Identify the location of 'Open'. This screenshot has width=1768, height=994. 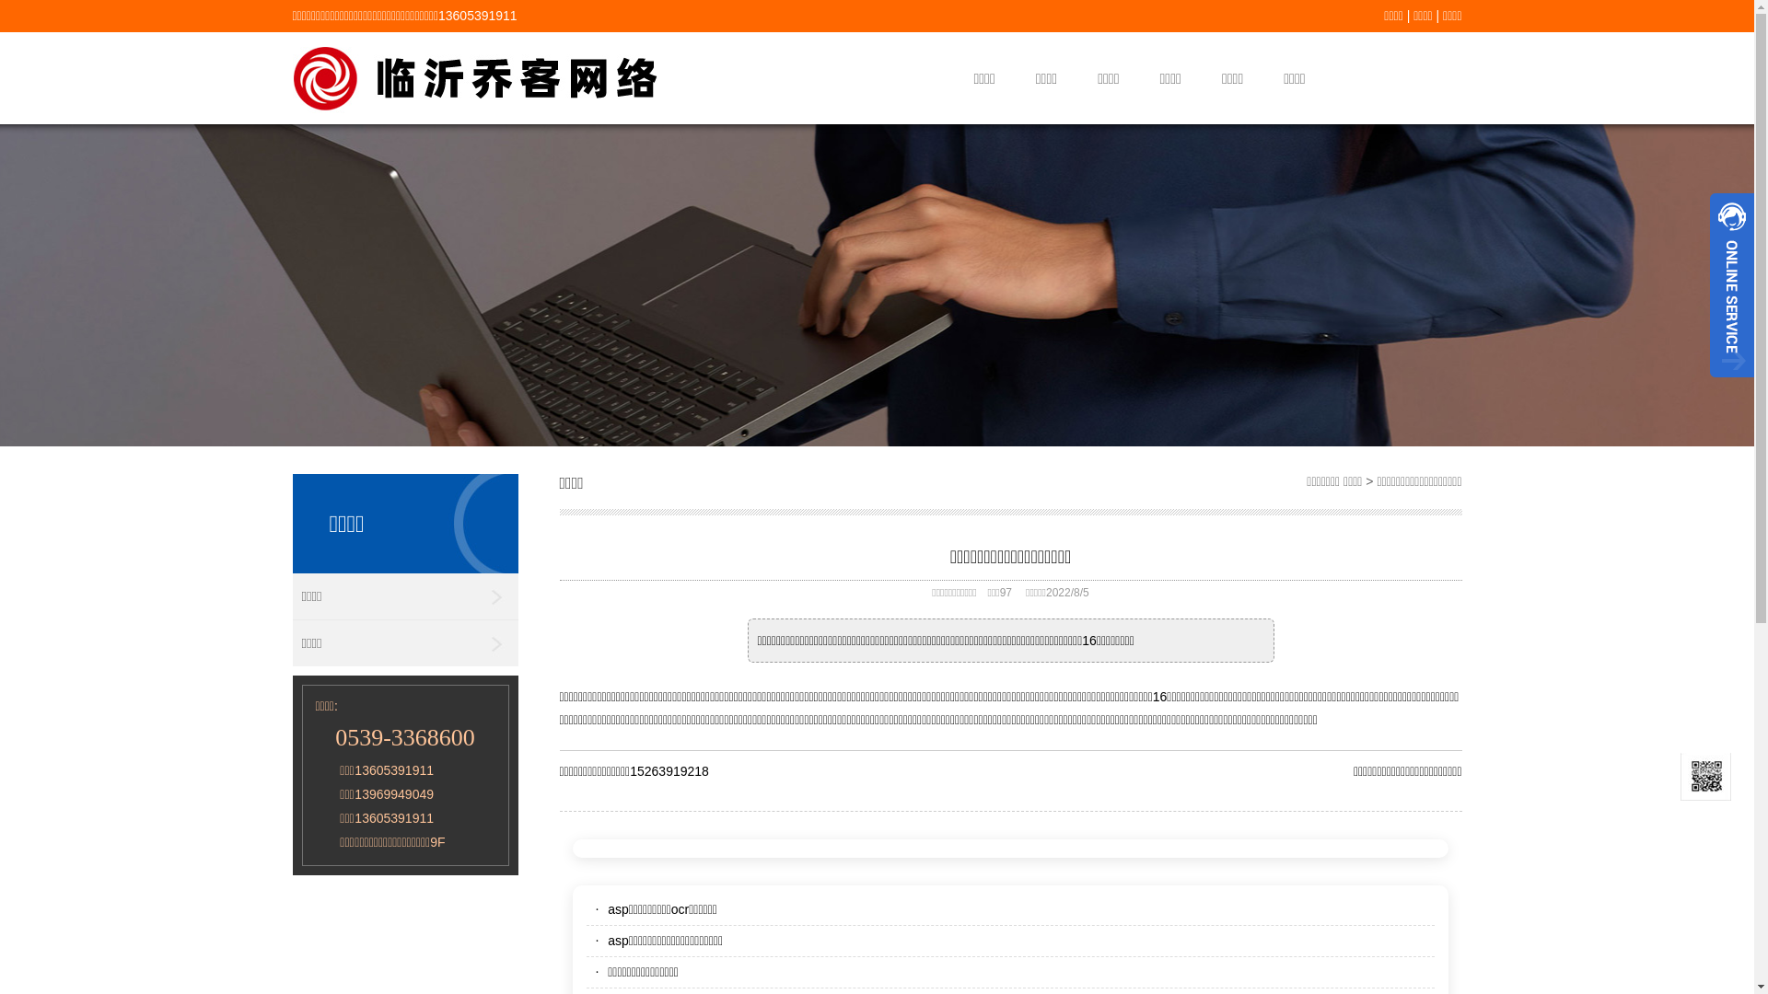
(1731, 284).